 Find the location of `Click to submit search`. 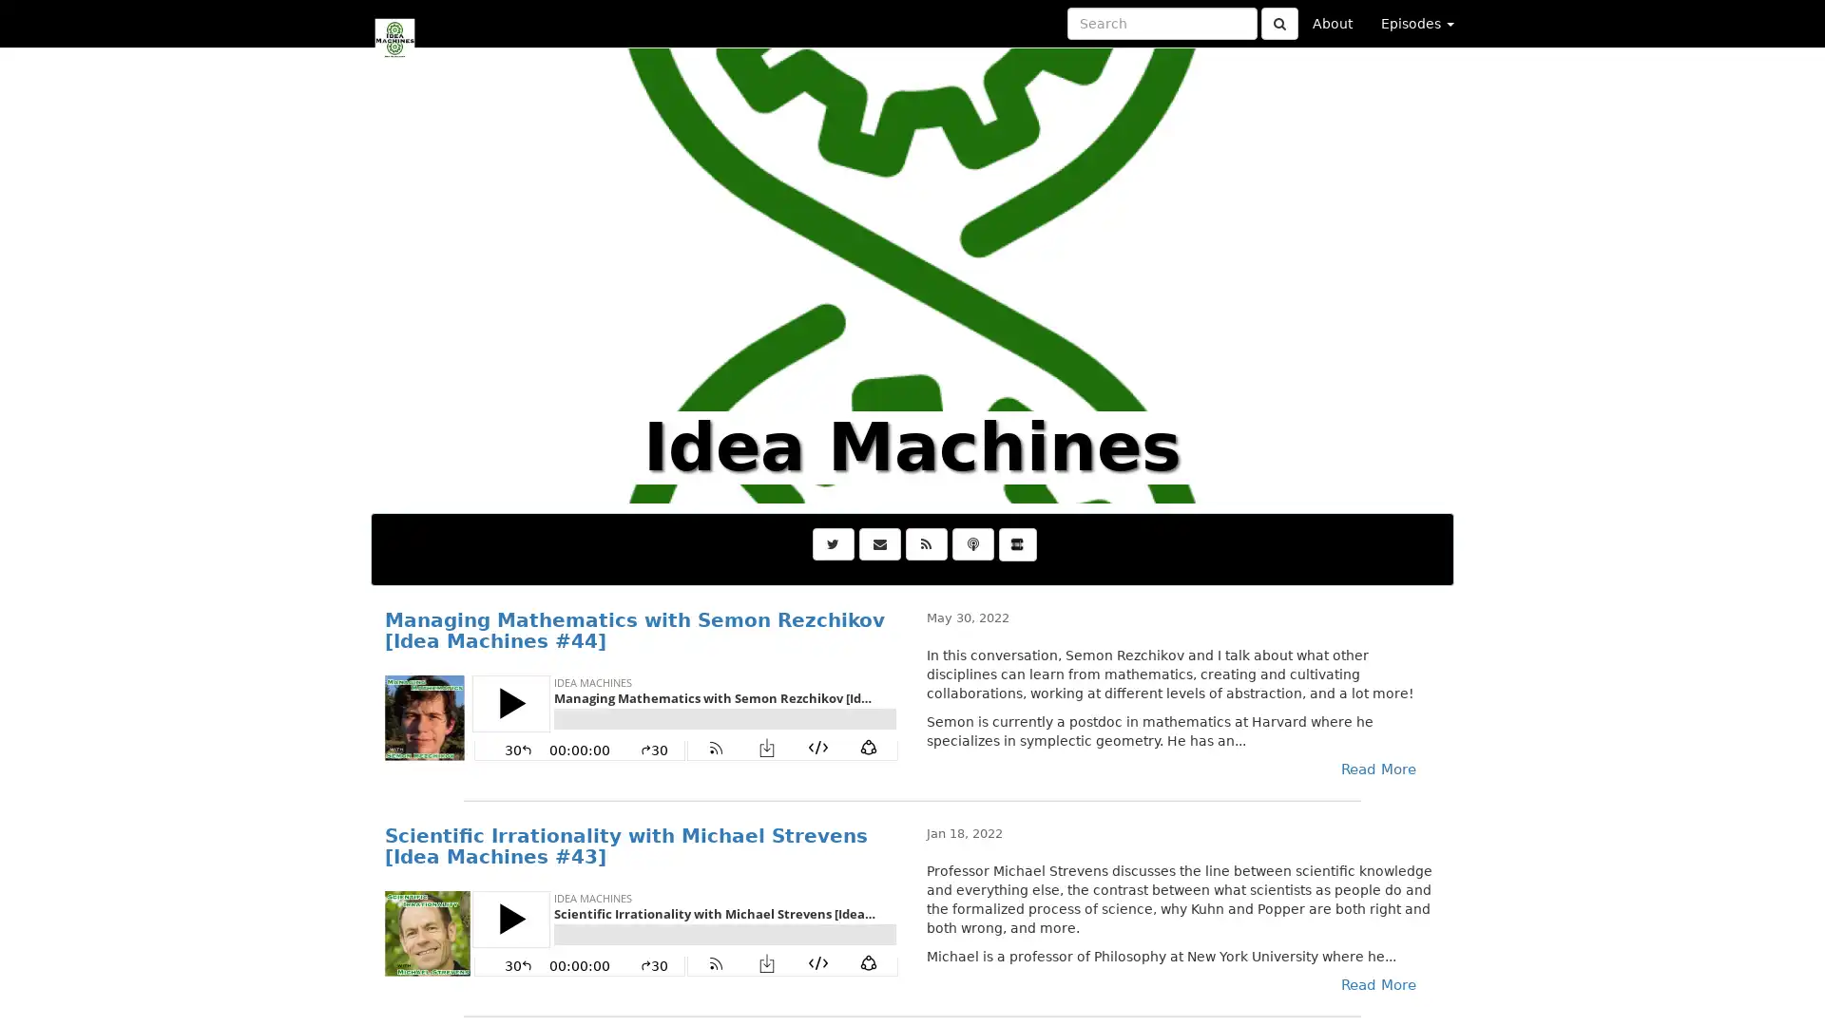

Click to submit search is located at coordinates (1279, 23).